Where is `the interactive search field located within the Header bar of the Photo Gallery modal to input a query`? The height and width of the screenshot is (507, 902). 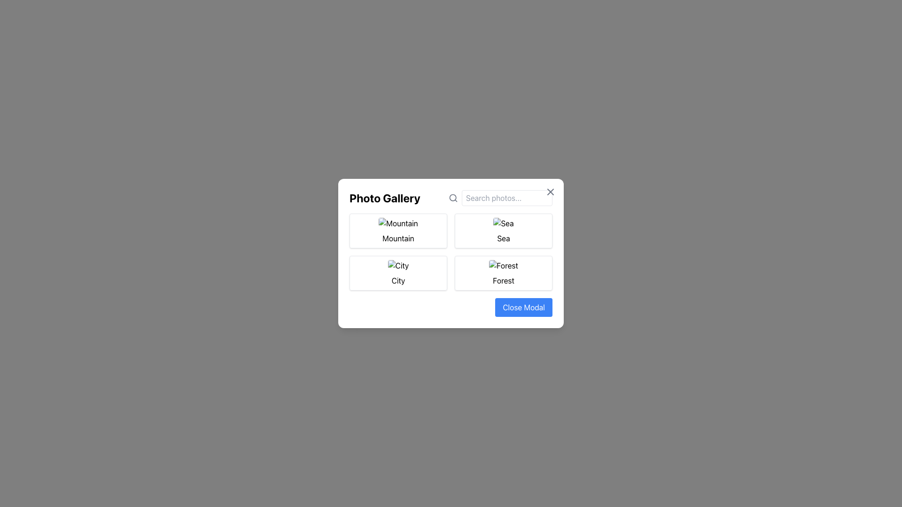 the interactive search field located within the Header bar of the Photo Gallery modal to input a query is located at coordinates (451, 197).